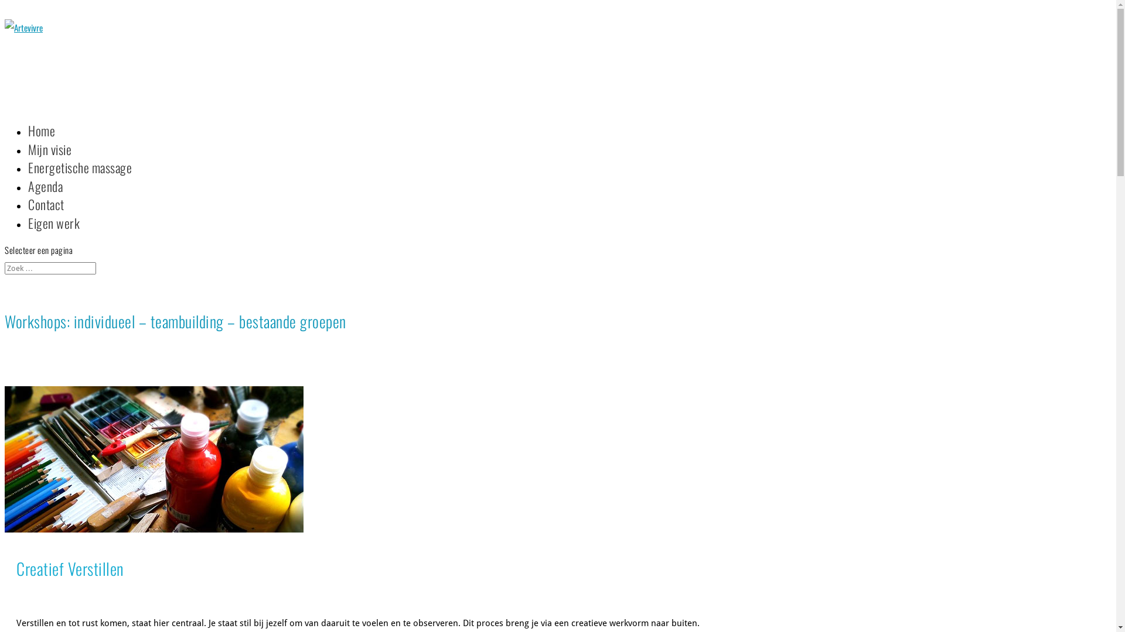  Describe the element at coordinates (53, 235) in the screenshot. I see `'Eigen werk'` at that location.